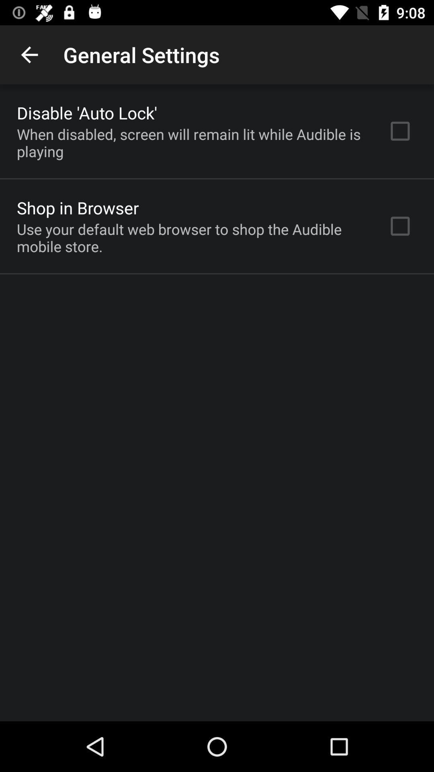  What do you see at coordinates (87, 112) in the screenshot?
I see `the disable 'auto lock' item` at bounding box center [87, 112].